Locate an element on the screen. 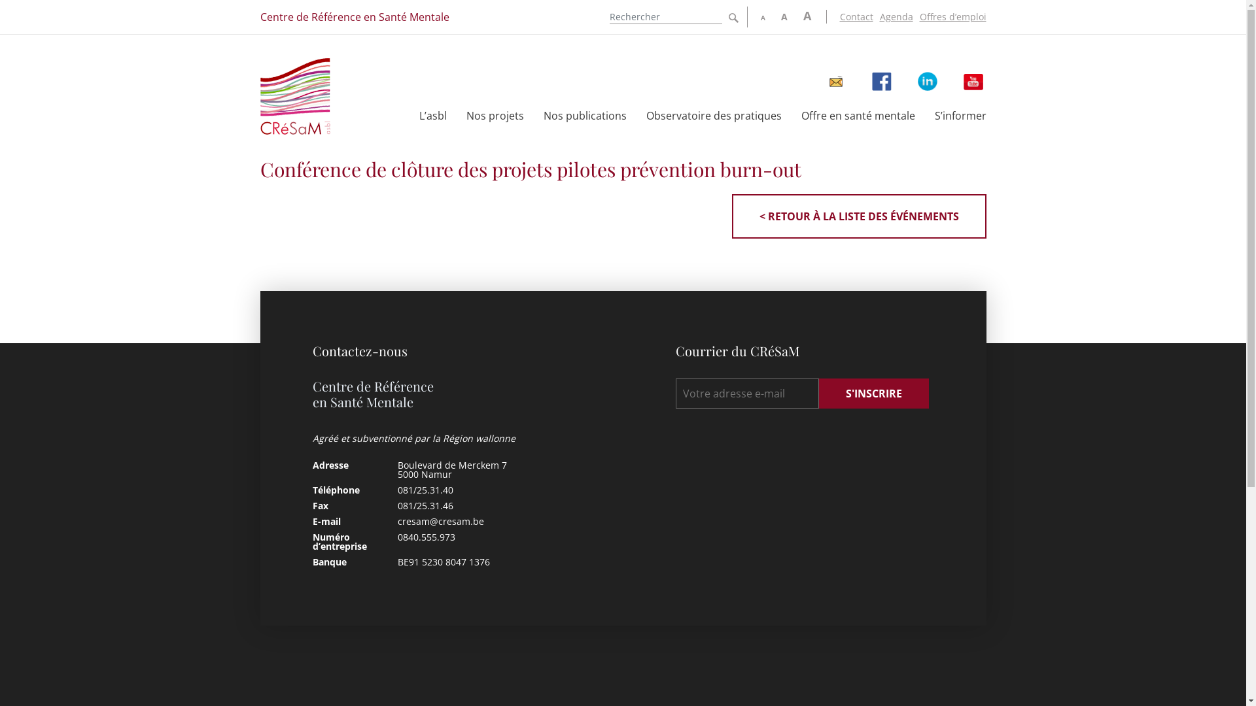 The height and width of the screenshot is (706, 1256). '081/25.31.40' is located at coordinates (397, 490).